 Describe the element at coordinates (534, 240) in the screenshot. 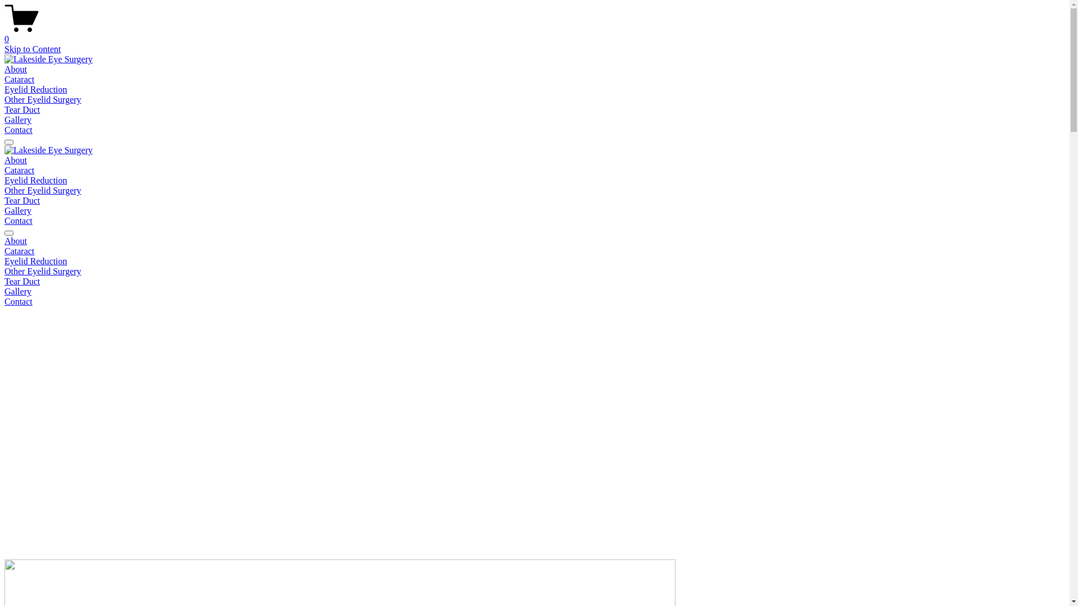

I see `'About'` at that location.